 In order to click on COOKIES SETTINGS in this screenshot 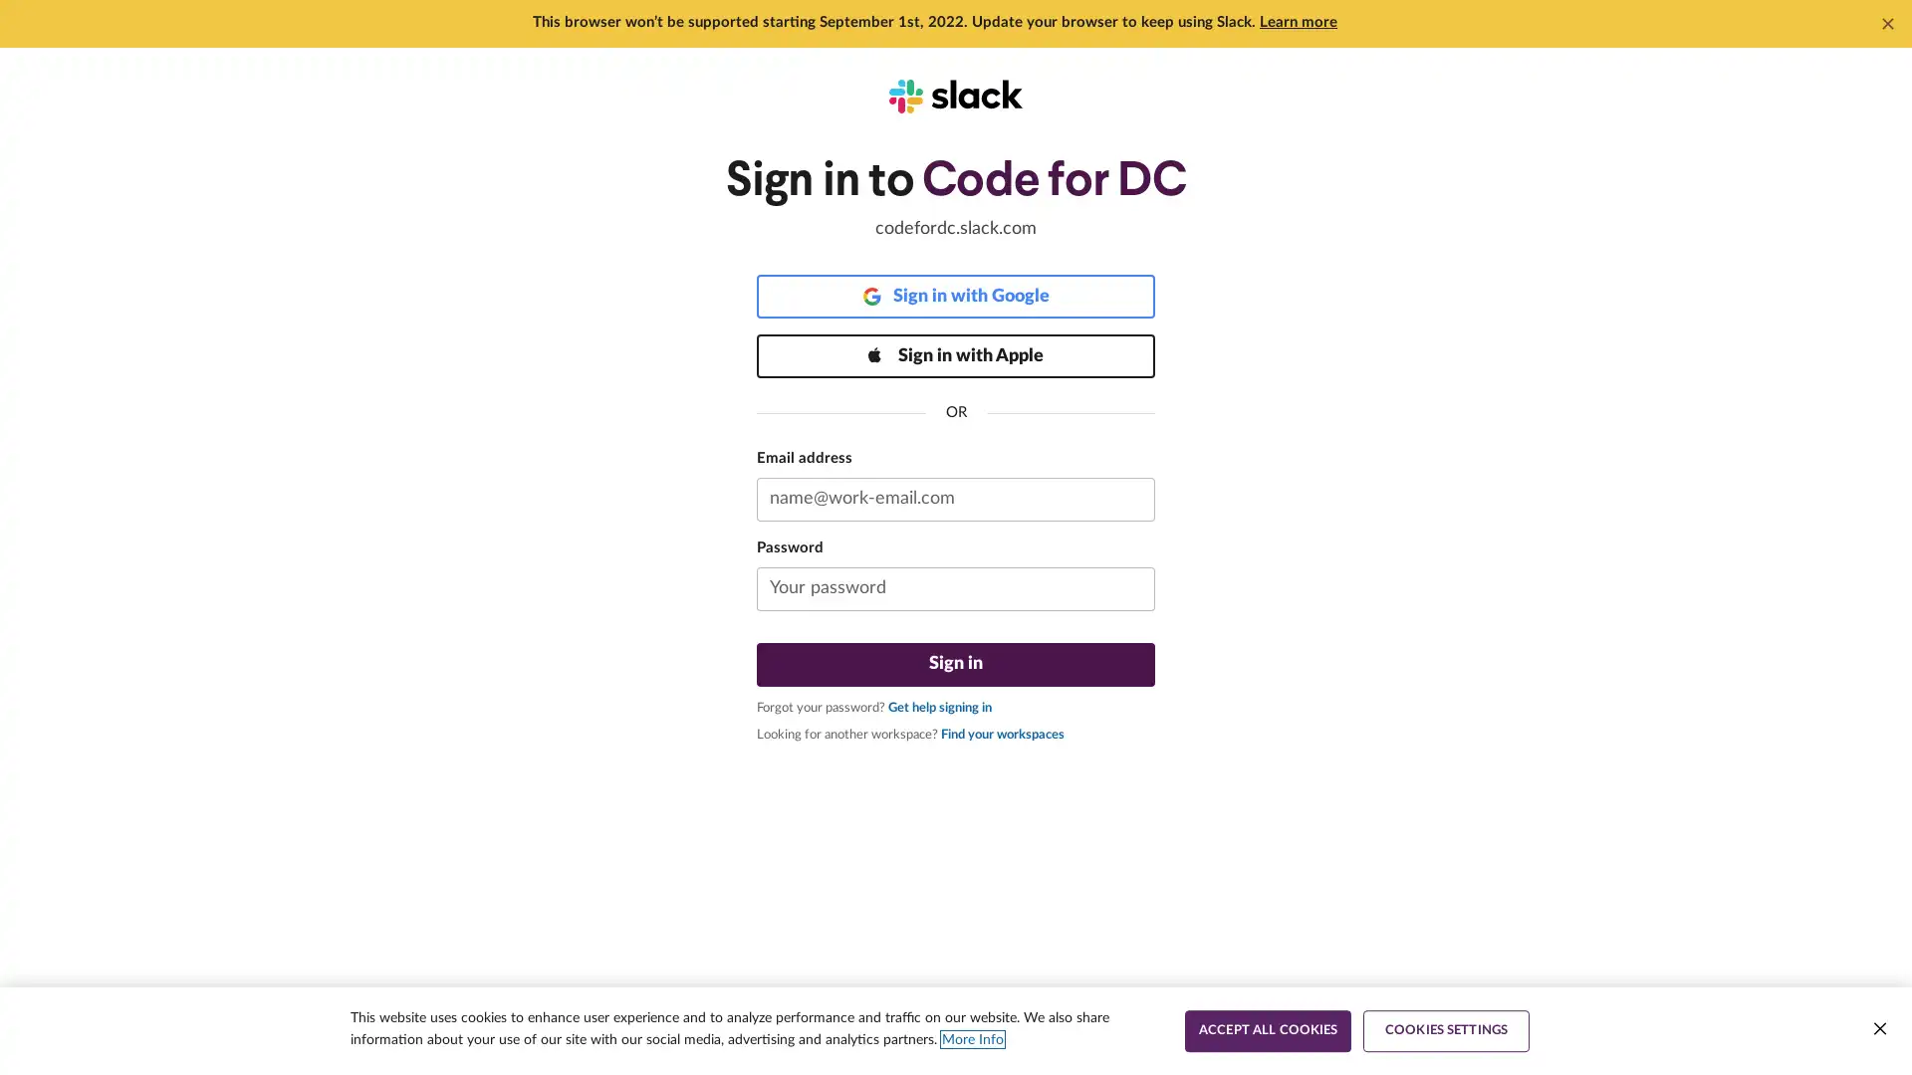, I will do `click(1446, 1030)`.